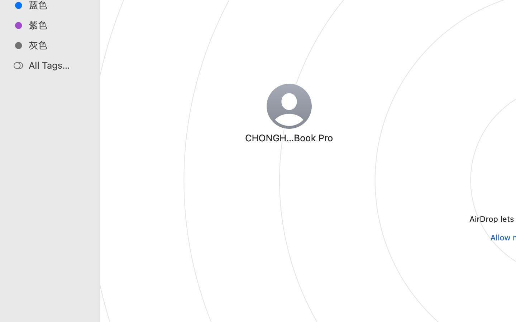 Image resolution: width=516 pixels, height=322 pixels. Describe the element at coordinates (57, 65) in the screenshot. I see `'All Tags…'` at that location.